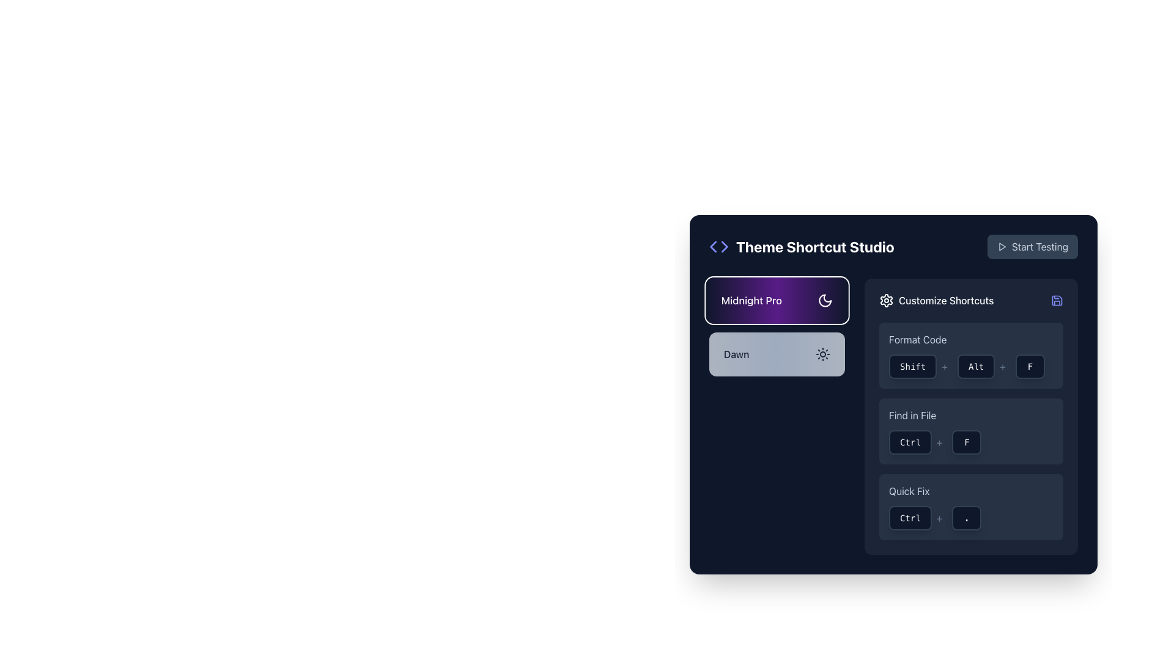 The height and width of the screenshot is (660, 1174). I want to click on the 'Ctrl' button-like label in the 'Quick Fix' section of the 'Customize Shortcuts' panel, which is the leftmost button in a horizontal group of shortcut elements, so click(910, 518).